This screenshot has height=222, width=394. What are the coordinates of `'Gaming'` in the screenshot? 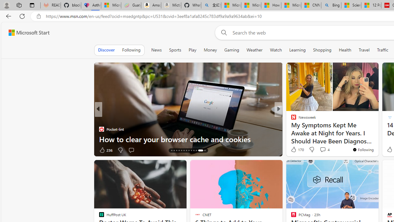 It's located at (231, 50).